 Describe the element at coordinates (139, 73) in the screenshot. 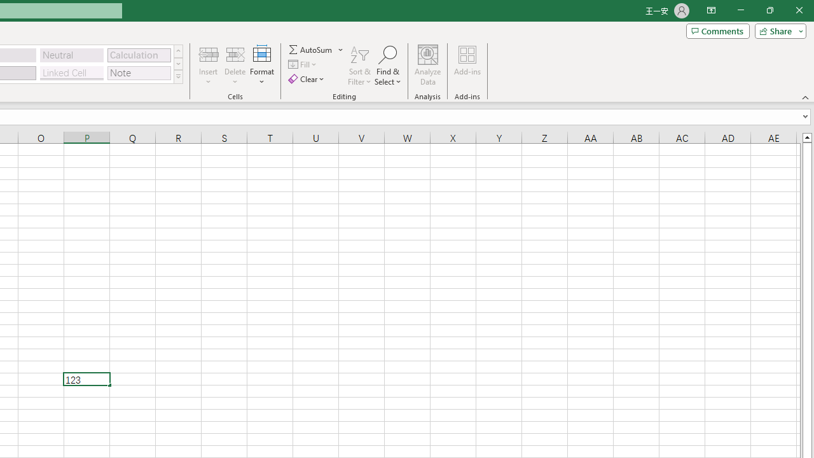

I see `'Note'` at that location.